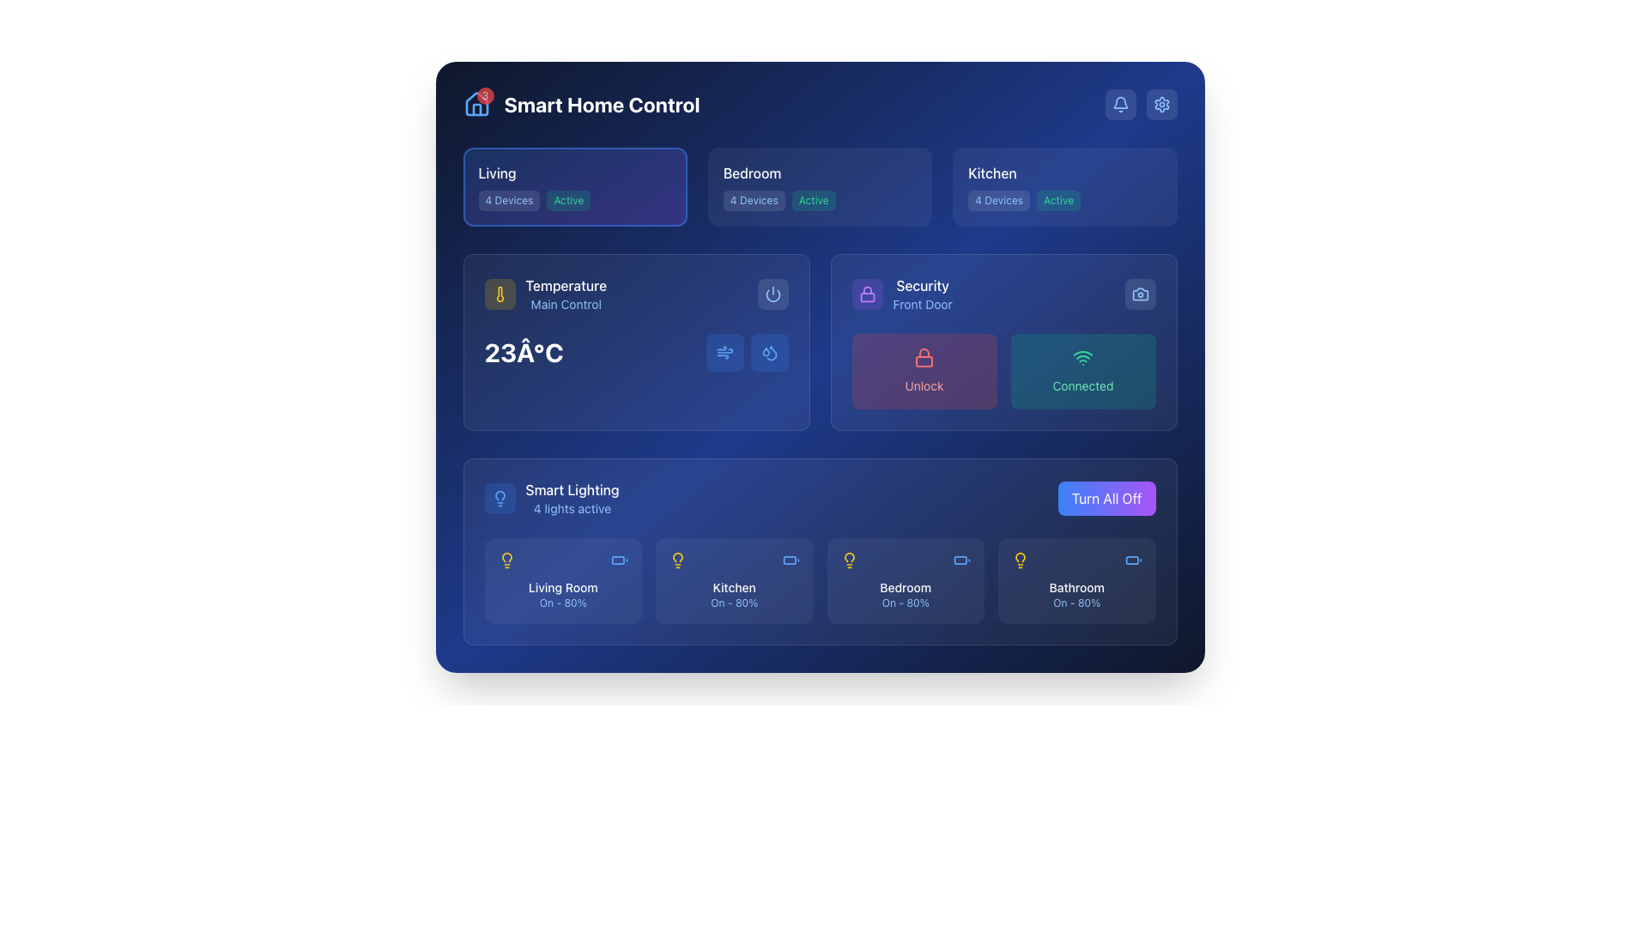  What do you see at coordinates (819, 200) in the screenshot?
I see `details of the informational label with status indicators for the 'Bedroom' section, located between the 'Living' and 'Kitchen' elements in the smart home control interface` at bounding box center [819, 200].